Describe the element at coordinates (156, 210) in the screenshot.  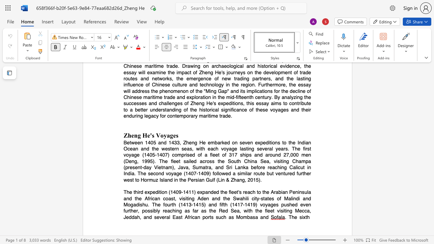
I see `the subset text "ly r" within the text "possibly reaching"` at that location.